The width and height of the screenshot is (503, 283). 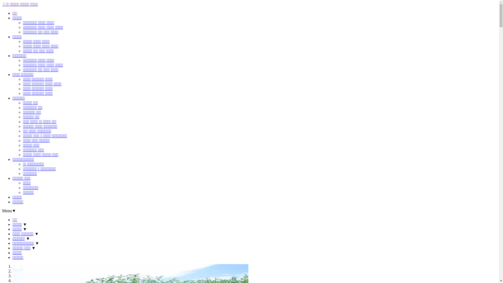 I want to click on '3', so click(x=14, y=275).